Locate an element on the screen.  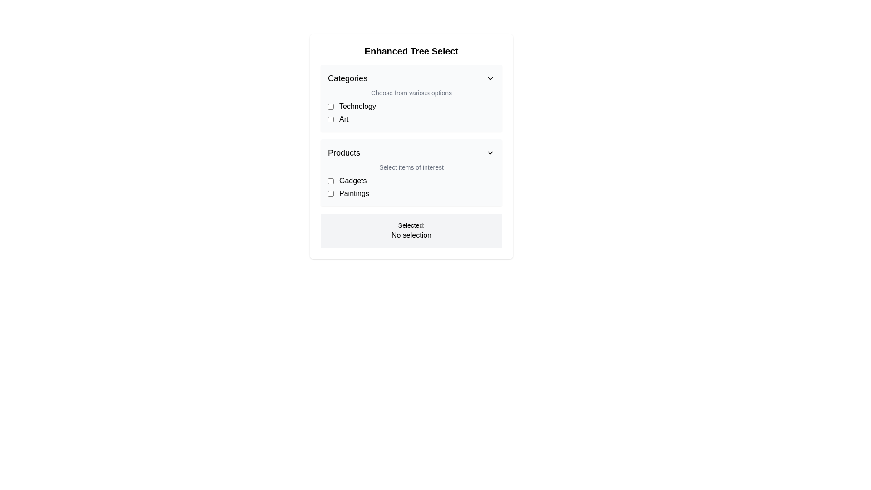
the 'Categories' dropdown trigger to indicate interactivity, located at the top section of the UI box with a white background is located at coordinates (411, 78).